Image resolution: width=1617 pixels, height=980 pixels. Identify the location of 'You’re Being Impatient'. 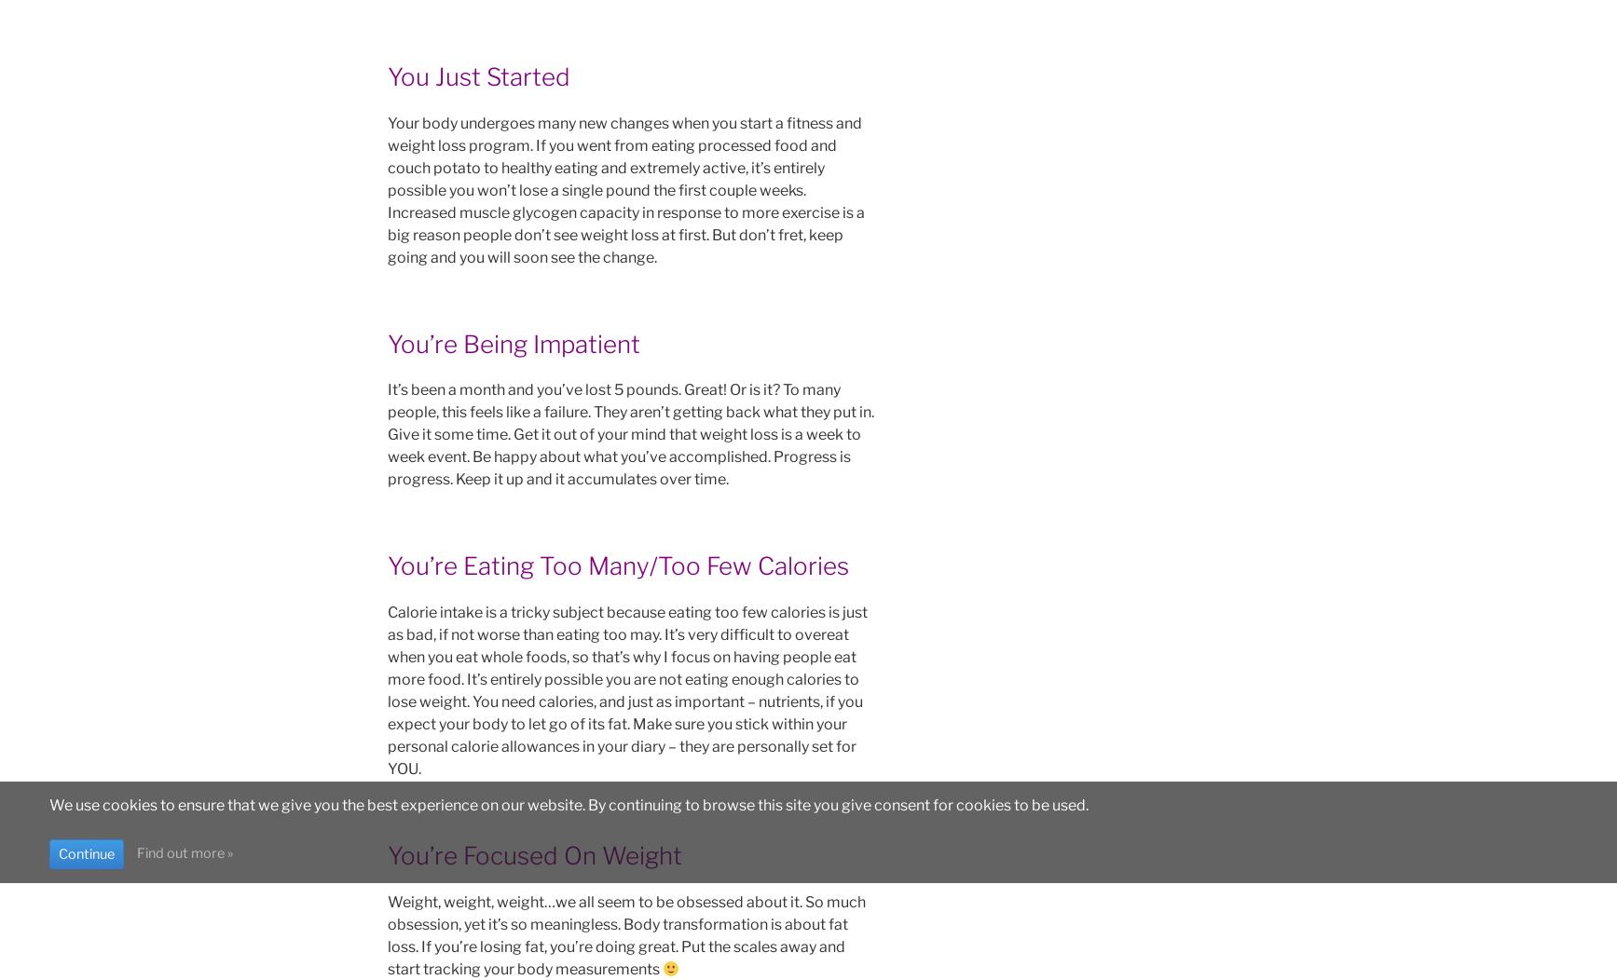
(513, 343).